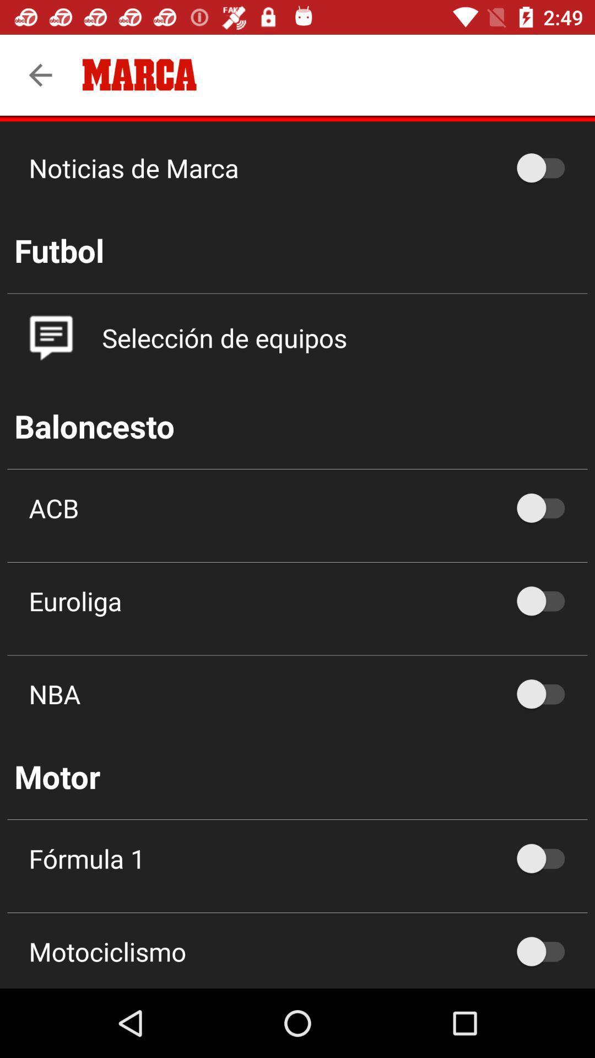  What do you see at coordinates (546, 693) in the screenshot?
I see `no radio button` at bounding box center [546, 693].